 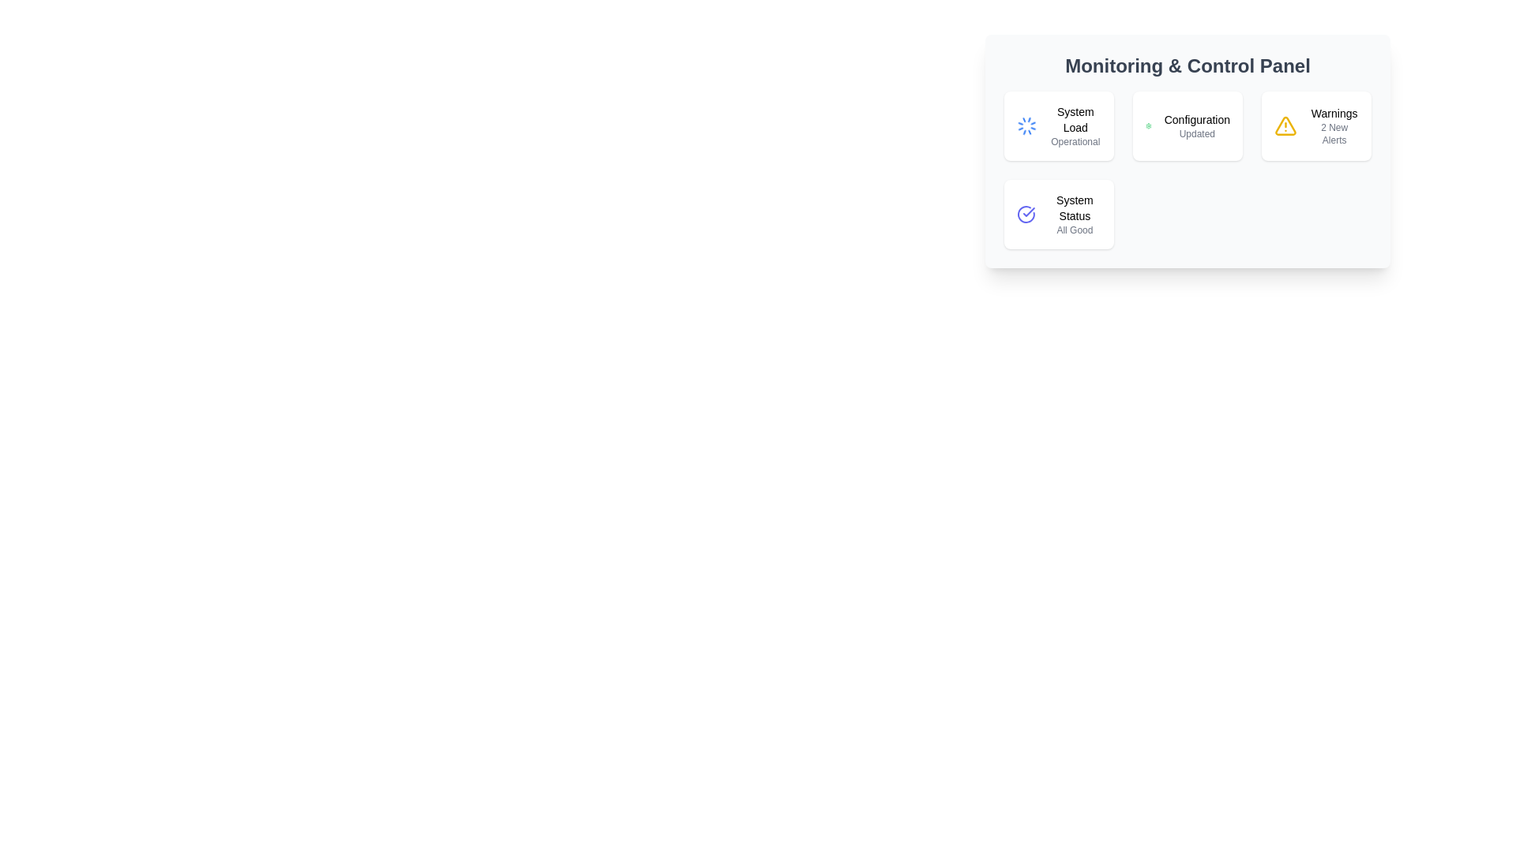 What do you see at coordinates (1148, 125) in the screenshot?
I see `the icon located within the 'Configuration Updated' card of the Monitoring & Control Panel, adjacent to the label 'Configuration.'` at bounding box center [1148, 125].